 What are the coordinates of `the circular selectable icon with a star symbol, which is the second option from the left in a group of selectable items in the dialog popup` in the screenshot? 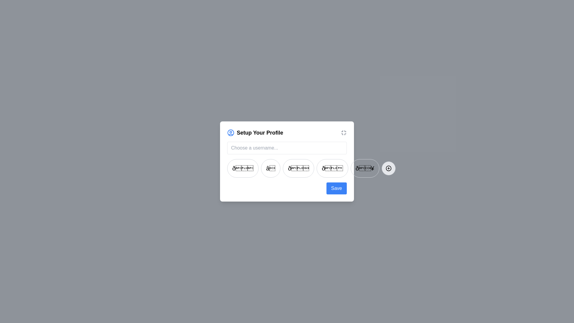 It's located at (270, 168).